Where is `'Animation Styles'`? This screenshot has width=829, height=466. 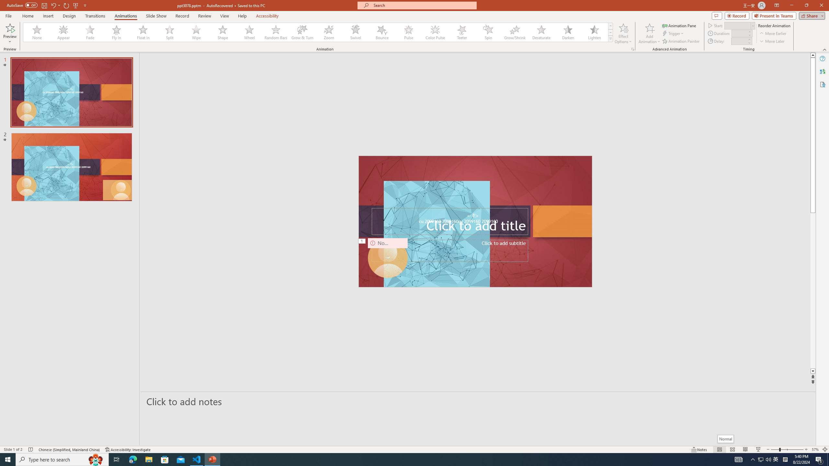
'Animation Styles' is located at coordinates (610, 38).